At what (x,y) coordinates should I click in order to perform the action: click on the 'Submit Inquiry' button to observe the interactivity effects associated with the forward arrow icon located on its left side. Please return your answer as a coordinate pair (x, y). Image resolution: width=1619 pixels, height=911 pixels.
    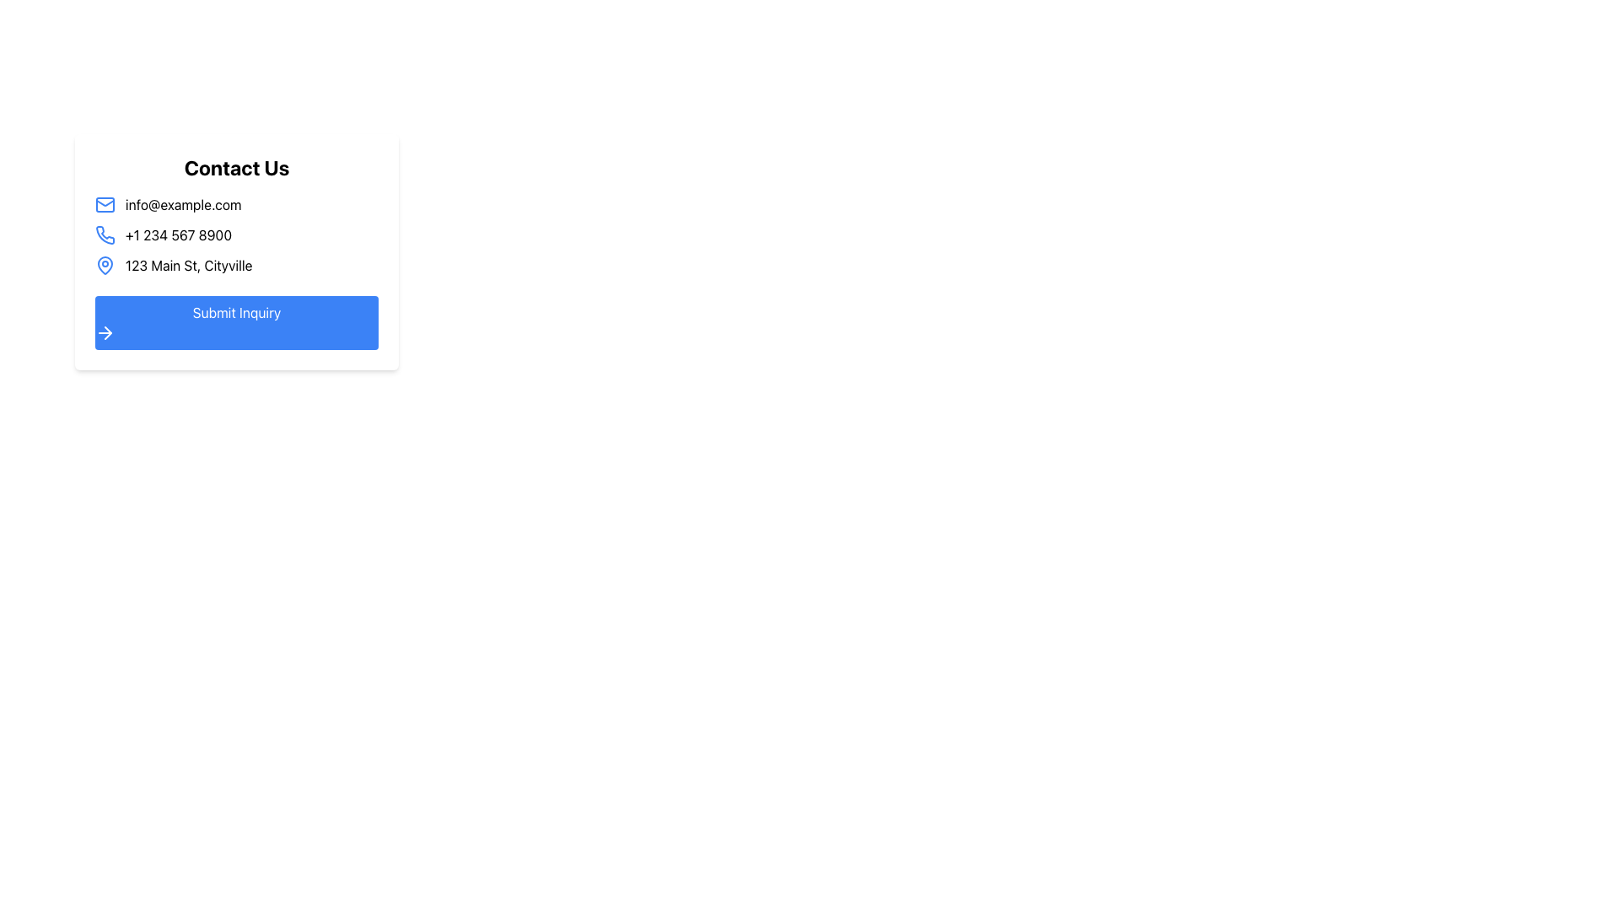
    Looking at the image, I should click on (104, 332).